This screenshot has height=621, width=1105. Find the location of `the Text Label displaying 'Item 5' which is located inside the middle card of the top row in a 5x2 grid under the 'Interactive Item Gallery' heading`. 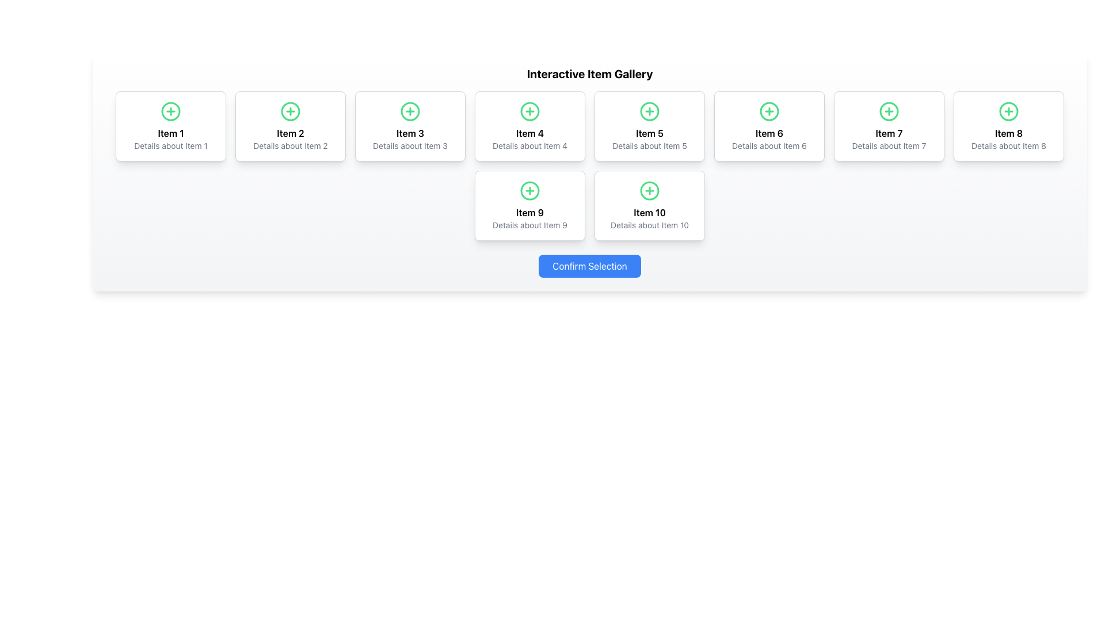

the Text Label displaying 'Item 5' which is located inside the middle card of the top row in a 5x2 grid under the 'Interactive Item Gallery' heading is located at coordinates (649, 132).